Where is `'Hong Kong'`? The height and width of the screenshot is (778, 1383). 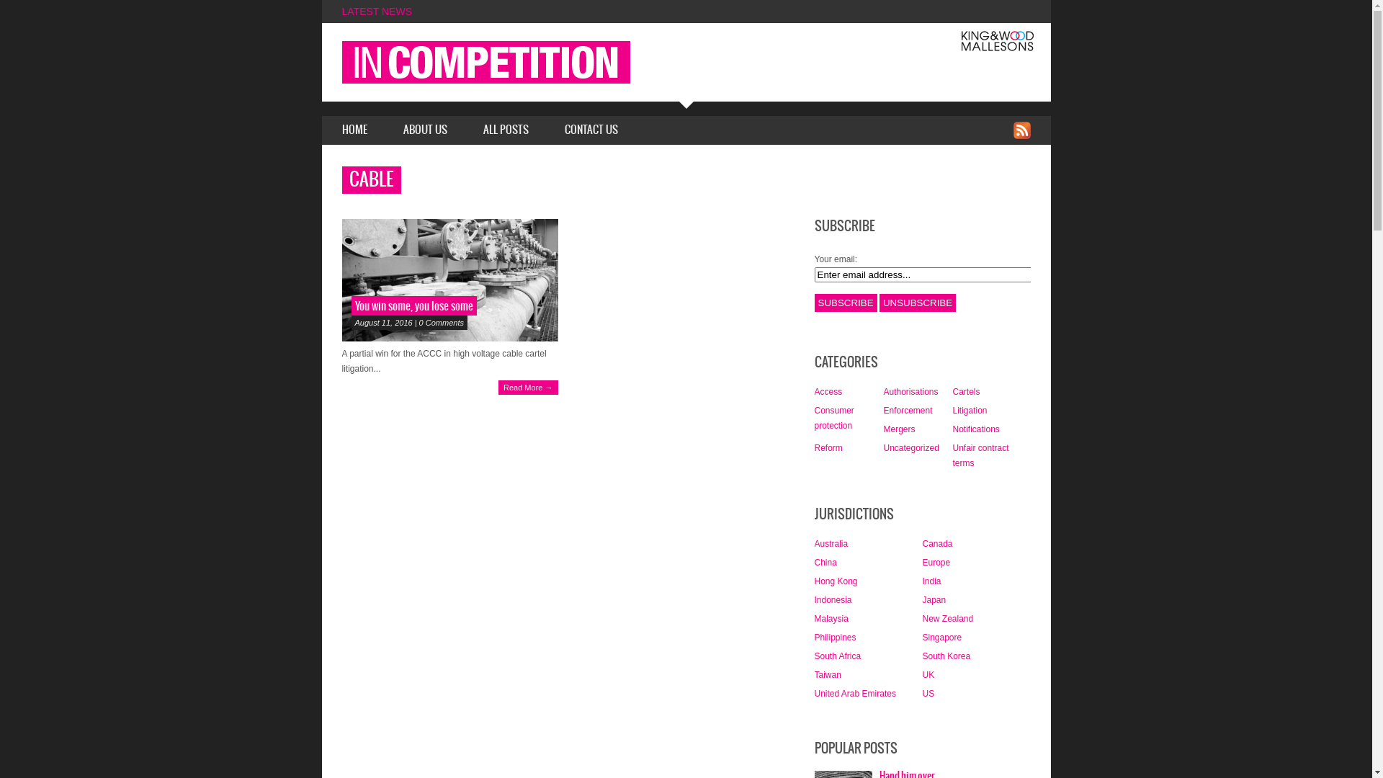
'Hong Kong' is located at coordinates (813, 580).